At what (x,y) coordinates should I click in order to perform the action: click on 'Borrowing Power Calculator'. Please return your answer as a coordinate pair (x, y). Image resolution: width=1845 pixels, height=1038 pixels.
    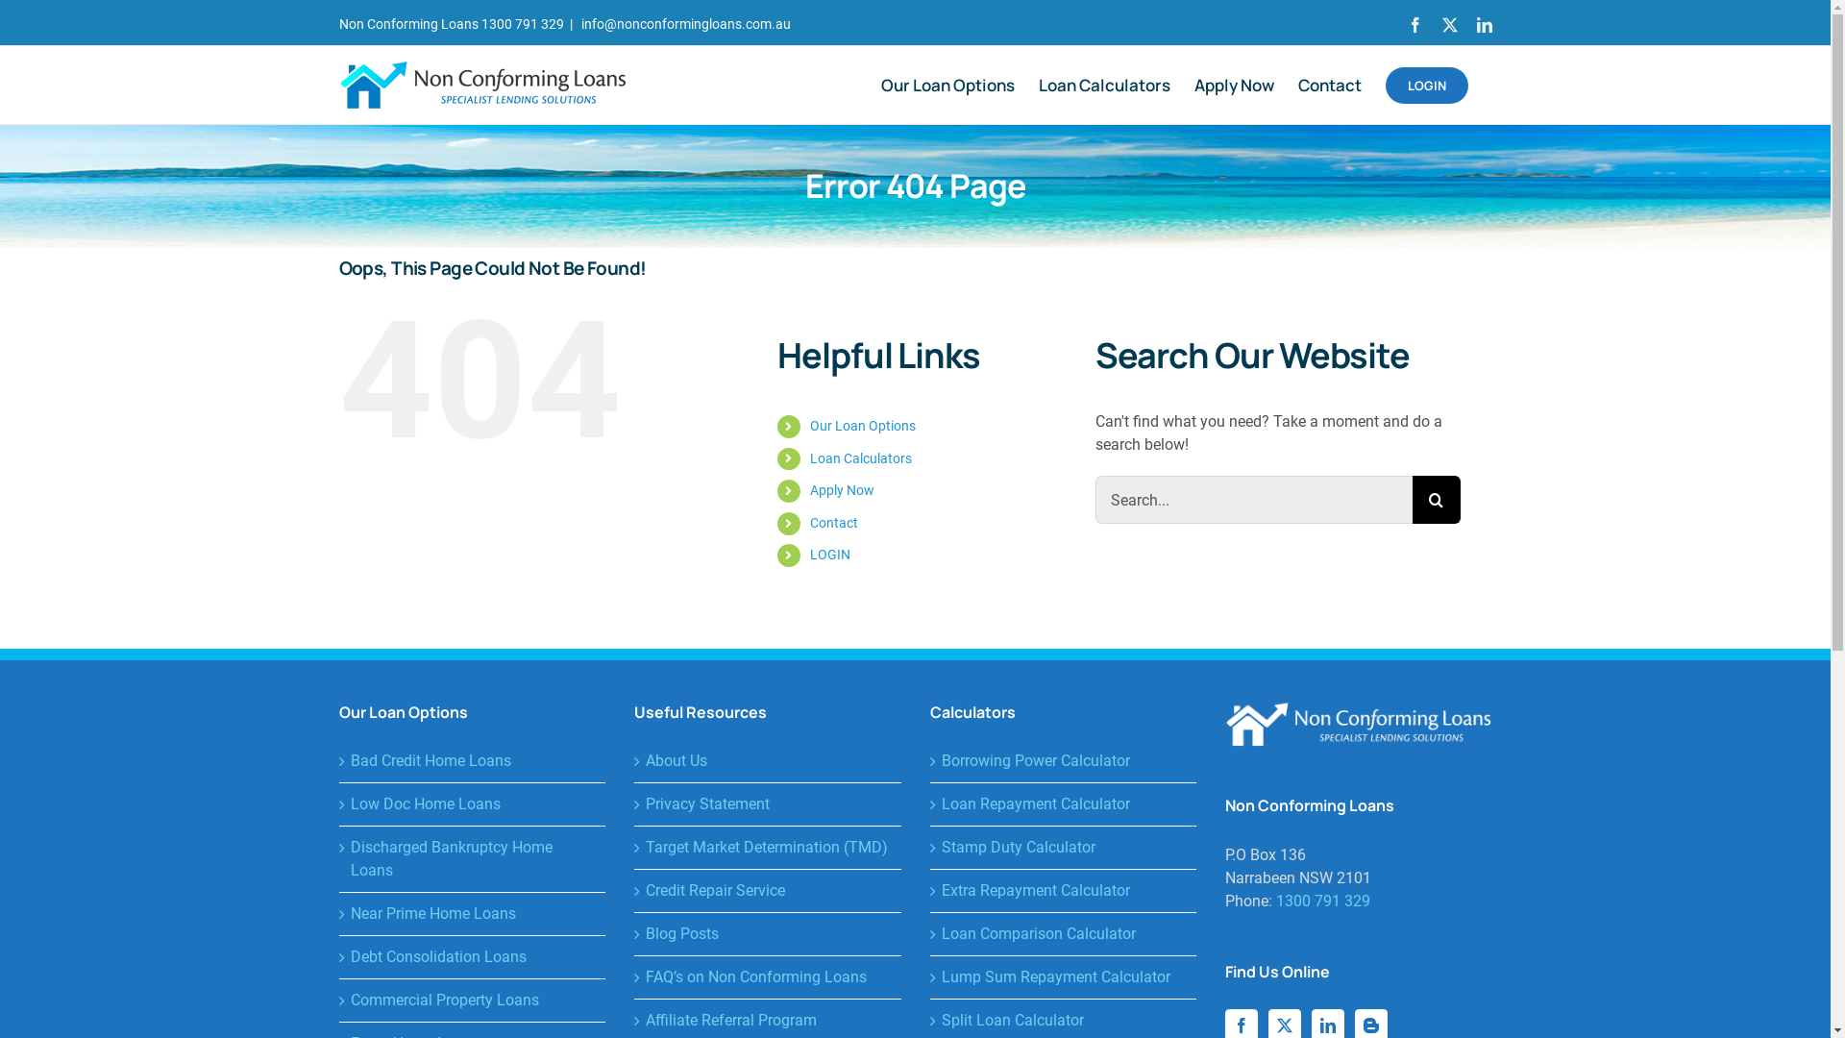
    Looking at the image, I should click on (1064, 759).